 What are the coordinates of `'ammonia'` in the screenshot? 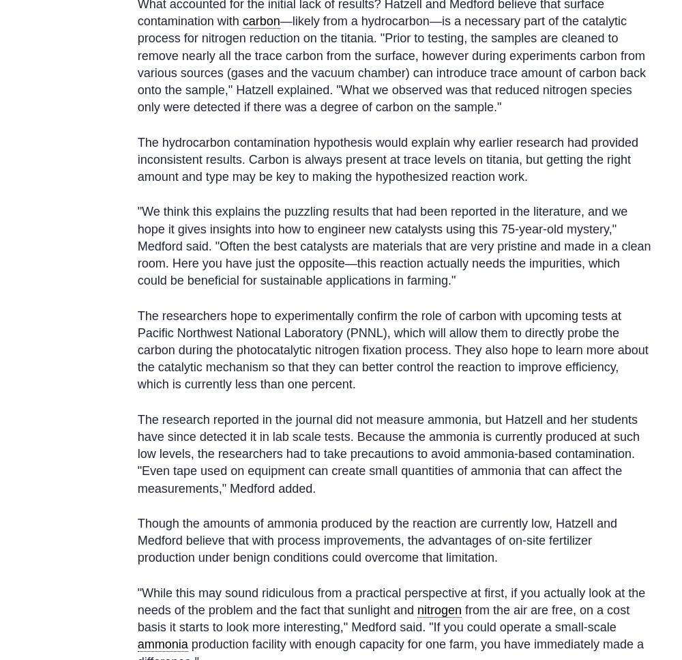 It's located at (162, 643).